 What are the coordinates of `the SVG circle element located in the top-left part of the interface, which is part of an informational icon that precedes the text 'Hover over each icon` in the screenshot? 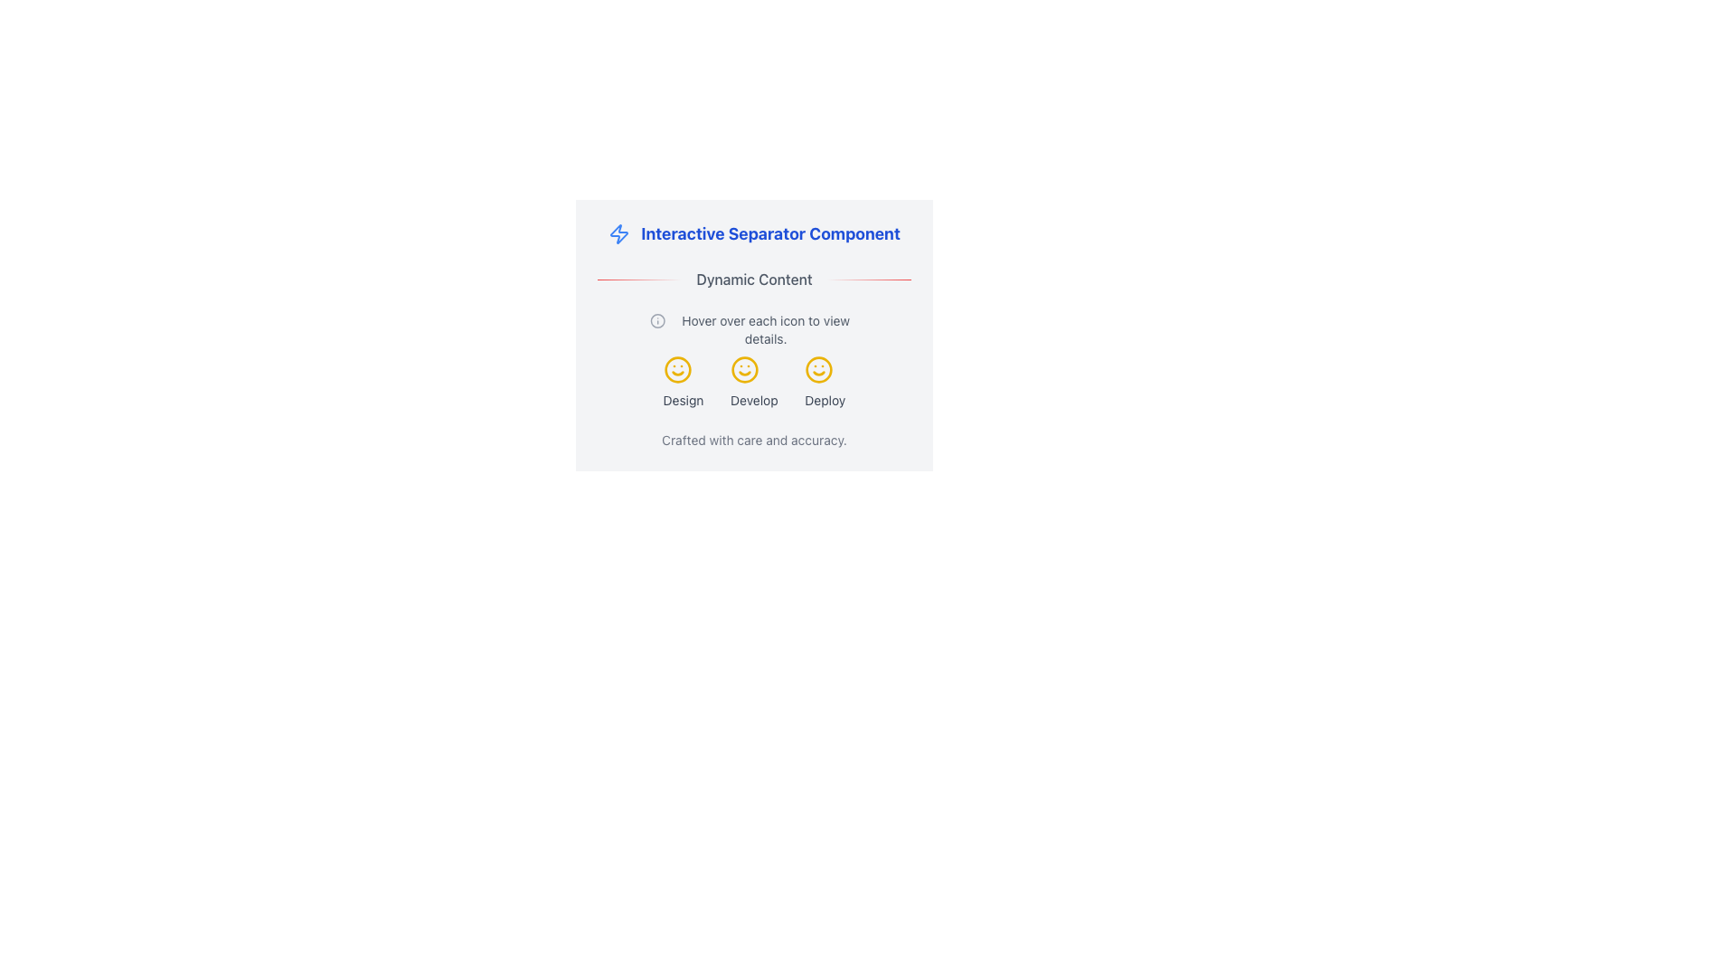 It's located at (656, 319).